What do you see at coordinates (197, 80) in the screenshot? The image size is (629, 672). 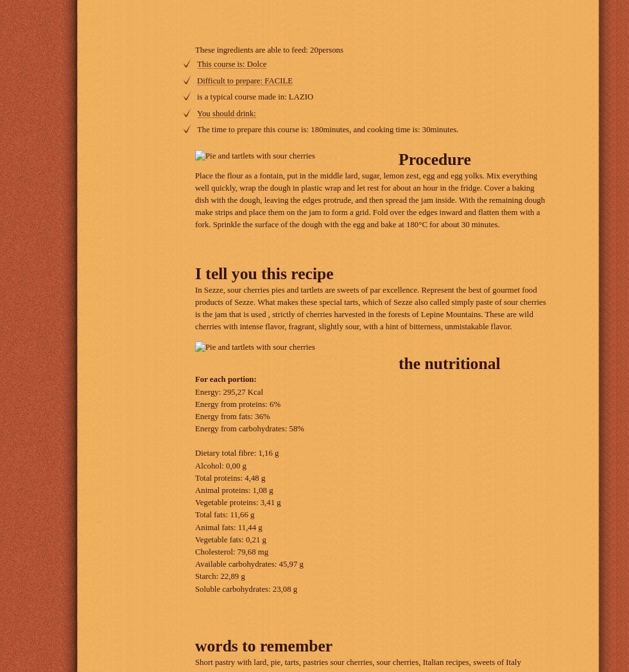 I see `'Difficult to prepare: FACILE'` at bounding box center [197, 80].